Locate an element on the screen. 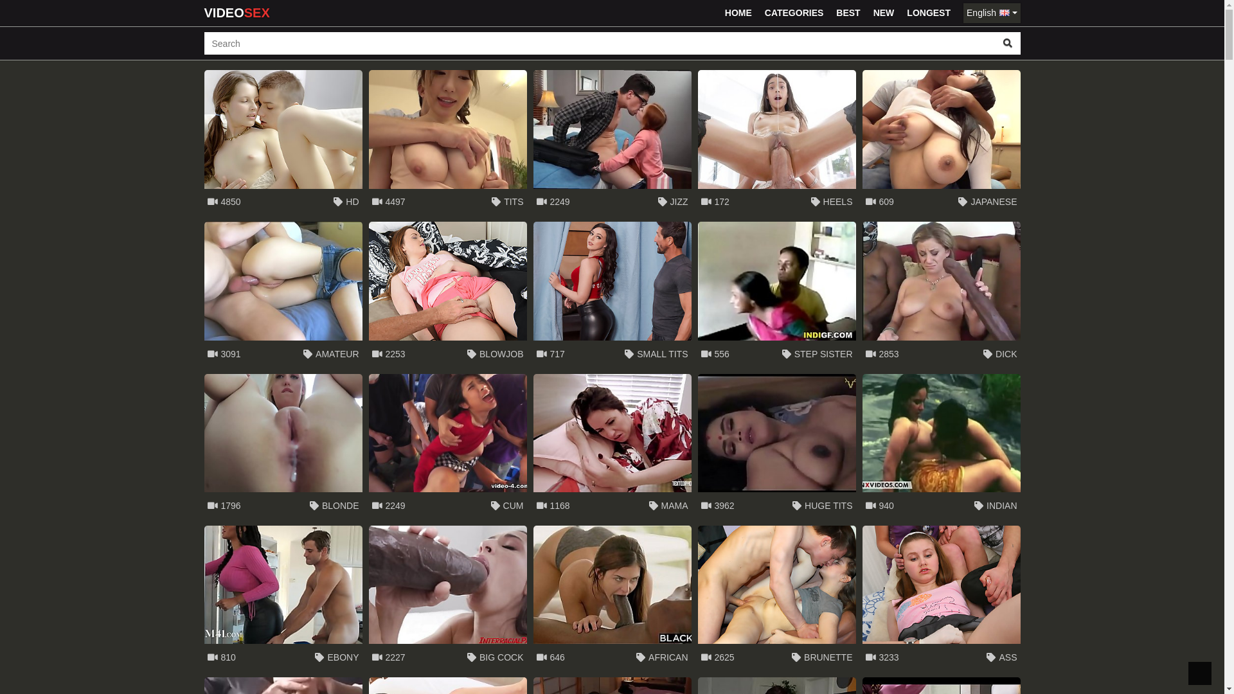 This screenshot has height=694, width=1234. '1796 is located at coordinates (283, 445).